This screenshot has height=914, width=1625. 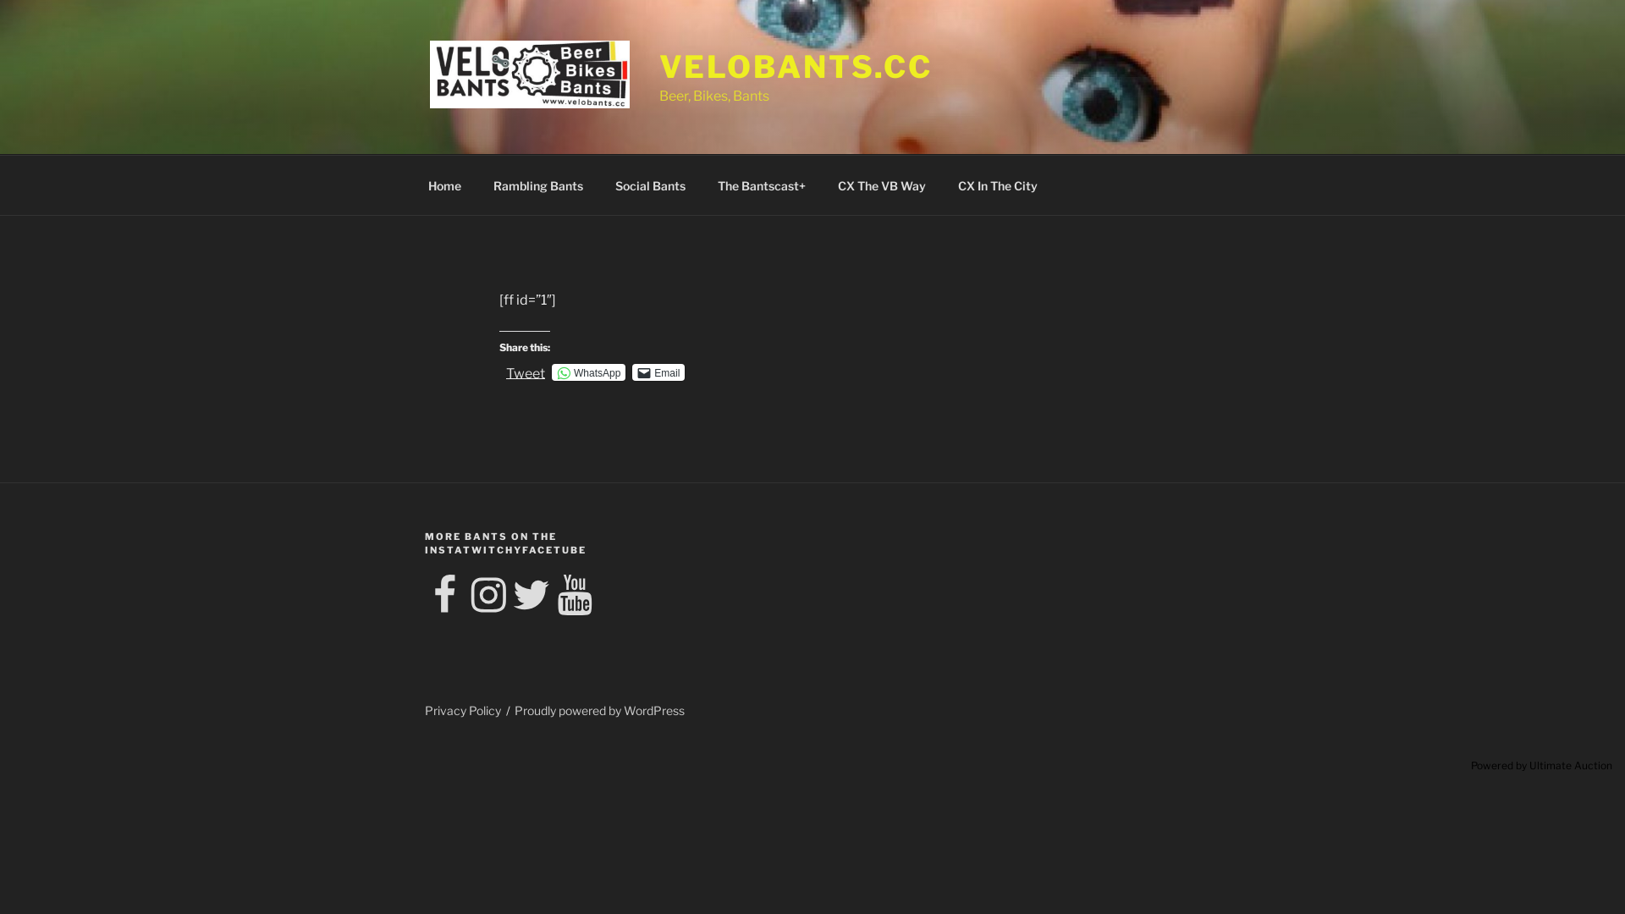 What do you see at coordinates (467, 595) in the screenshot?
I see `'Instagram'` at bounding box center [467, 595].